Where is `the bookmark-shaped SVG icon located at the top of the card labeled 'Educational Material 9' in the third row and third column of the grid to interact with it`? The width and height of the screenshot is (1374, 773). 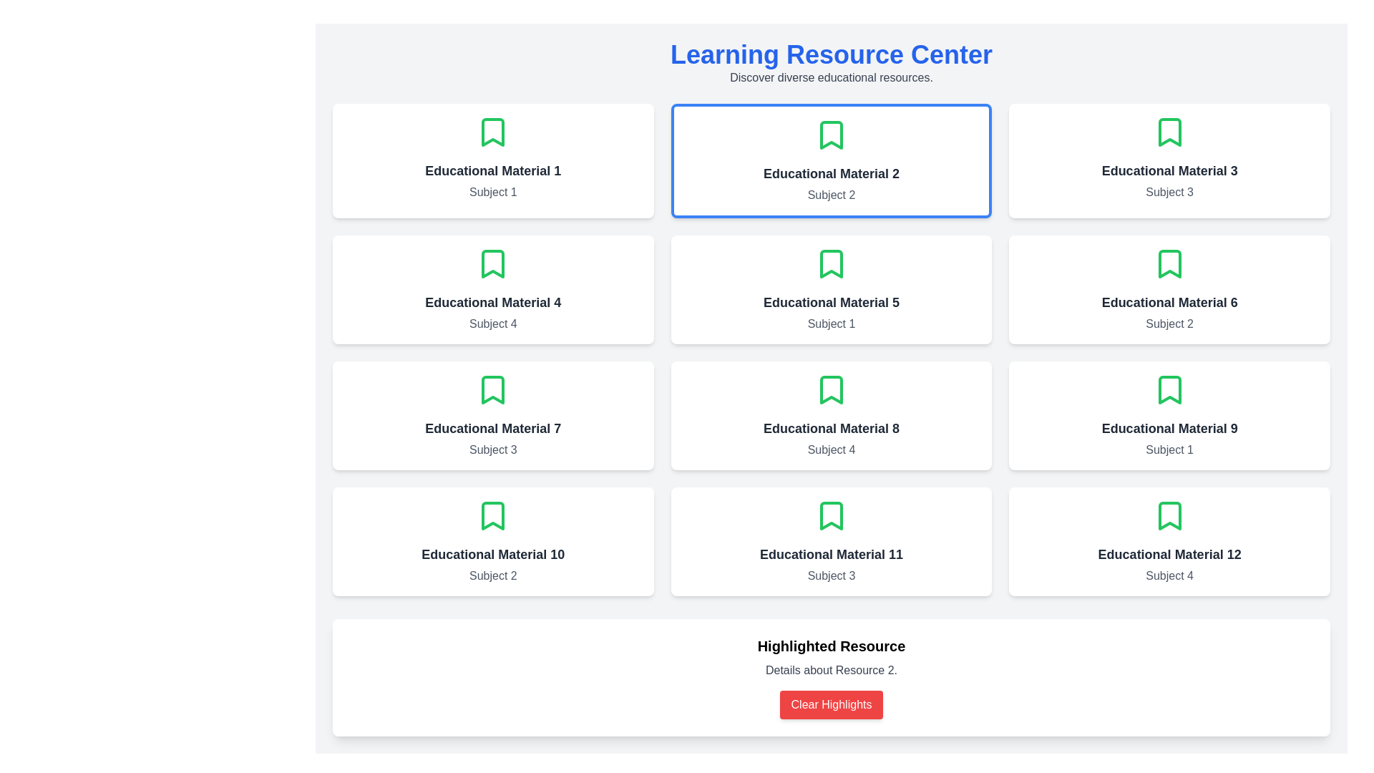
the bookmark-shaped SVG icon located at the top of the card labeled 'Educational Material 9' in the third row and third column of the grid to interact with it is located at coordinates (1169, 389).